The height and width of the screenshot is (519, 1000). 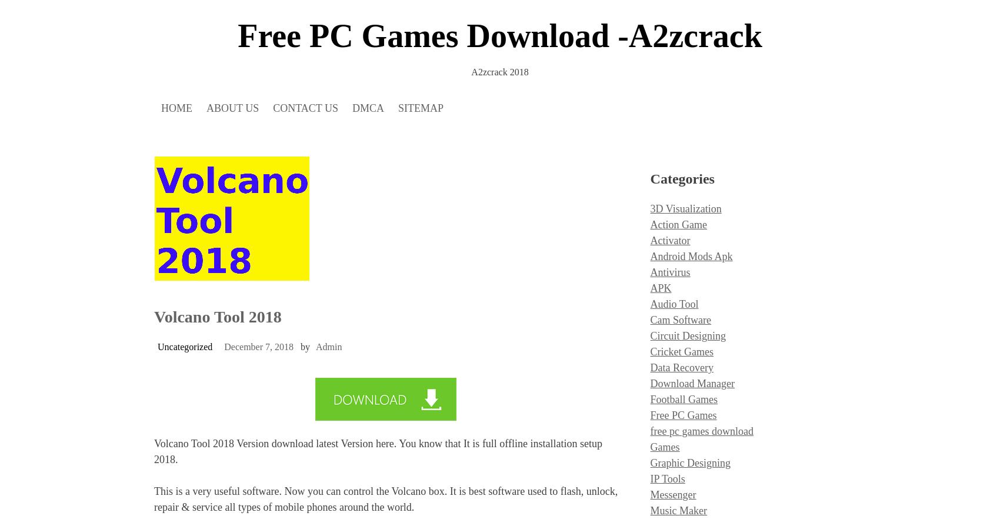 What do you see at coordinates (204, 283) in the screenshot?
I see `'You can also download:'` at bounding box center [204, 283].